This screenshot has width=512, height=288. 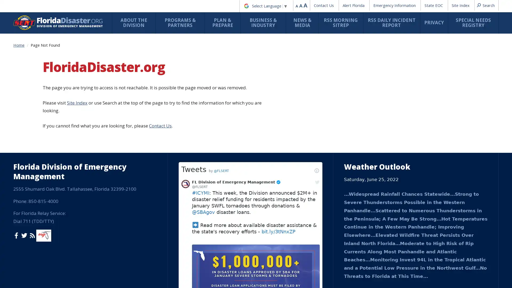 I want to click on Toggle More, so click(x=214, y=198).